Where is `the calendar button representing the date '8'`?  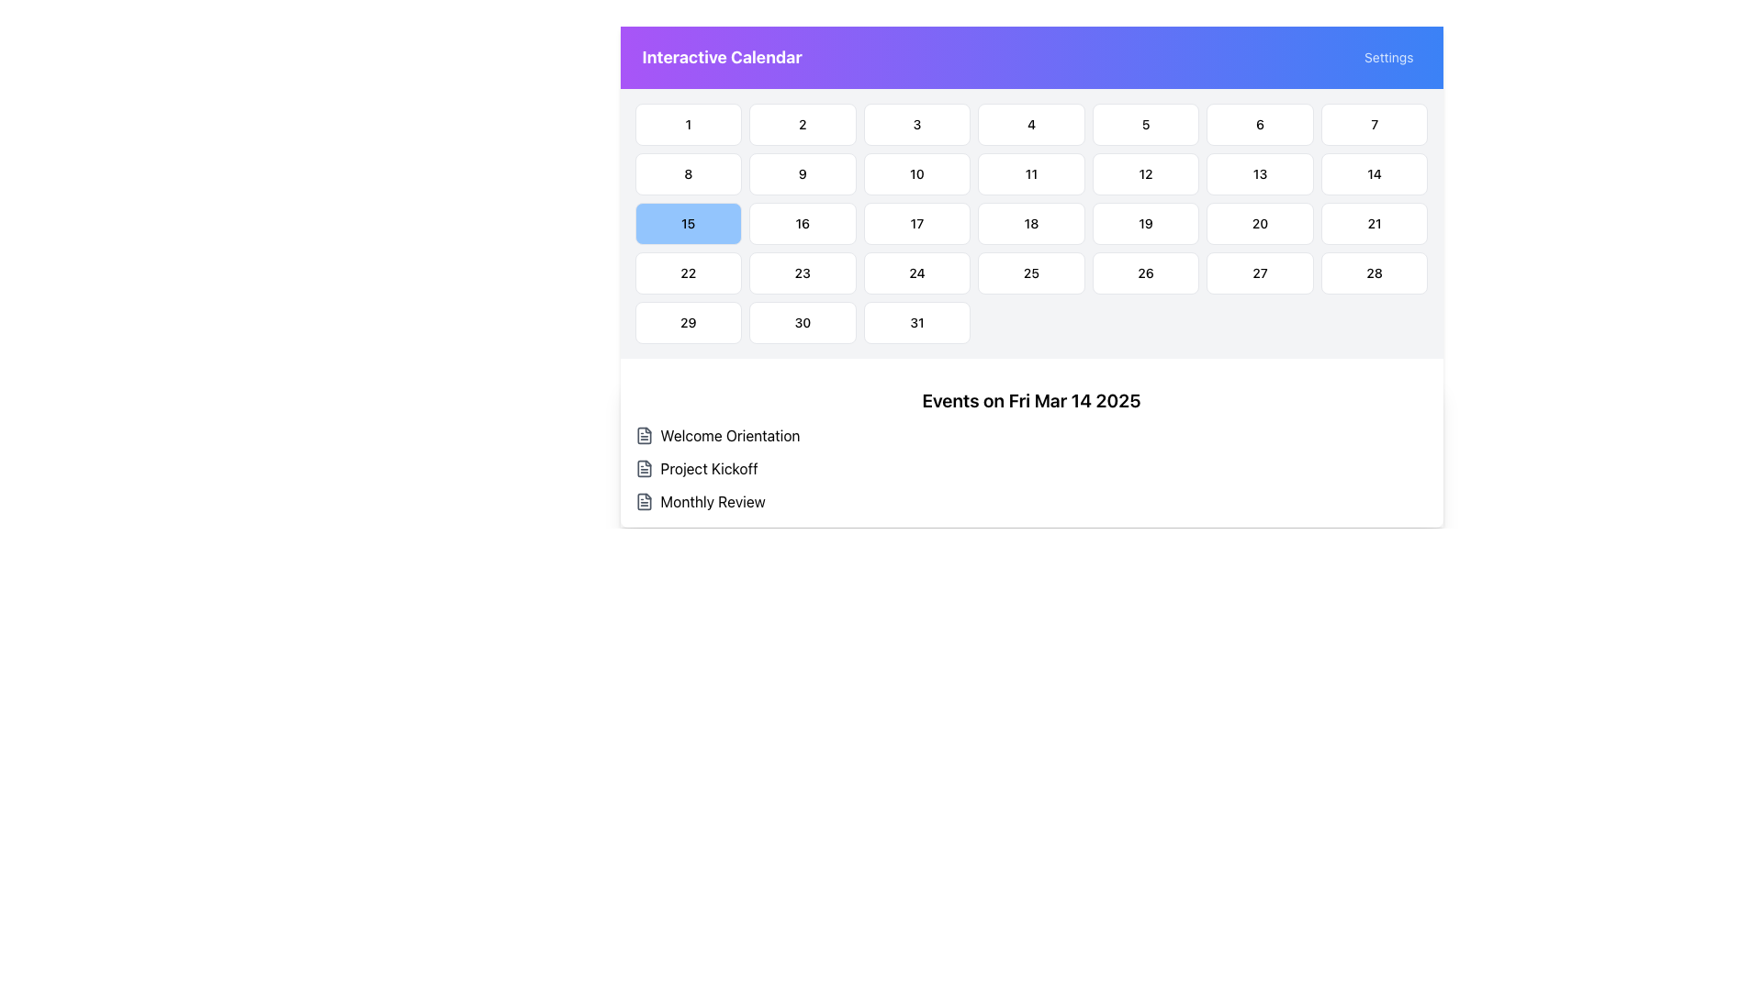
the calendar button representing the date '8' is located at coordinates (687, 173).